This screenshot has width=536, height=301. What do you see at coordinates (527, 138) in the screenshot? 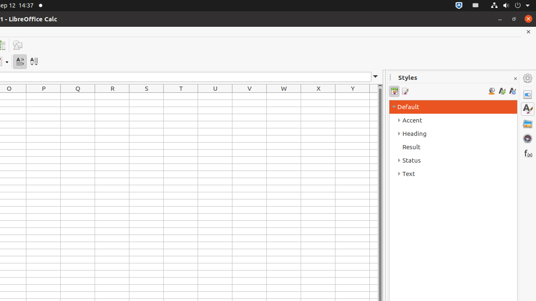
I see `'Navigator'` at bounding box center [527, 138].